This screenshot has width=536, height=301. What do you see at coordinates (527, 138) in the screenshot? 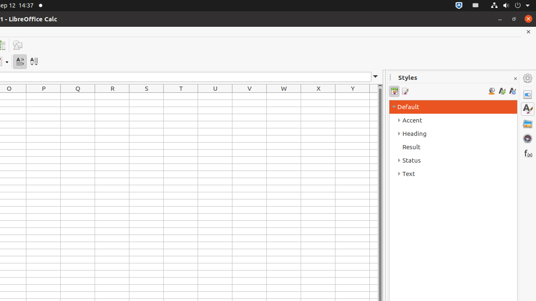
I see `'Navigator'` at bounding box center [527, 138].